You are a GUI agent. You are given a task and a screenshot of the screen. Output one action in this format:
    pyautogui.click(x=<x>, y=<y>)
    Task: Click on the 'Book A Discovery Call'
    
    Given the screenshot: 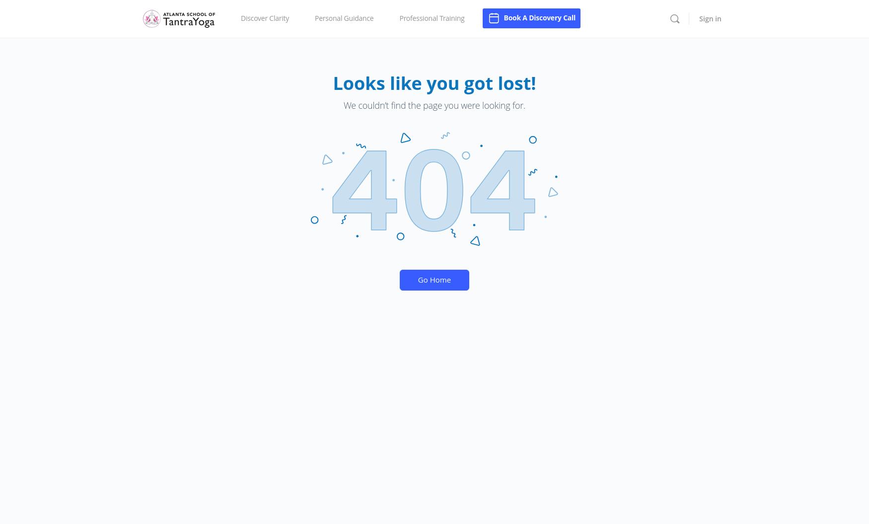 What is the action you would take?
    pyautogui.click(x=503, y=17)
    